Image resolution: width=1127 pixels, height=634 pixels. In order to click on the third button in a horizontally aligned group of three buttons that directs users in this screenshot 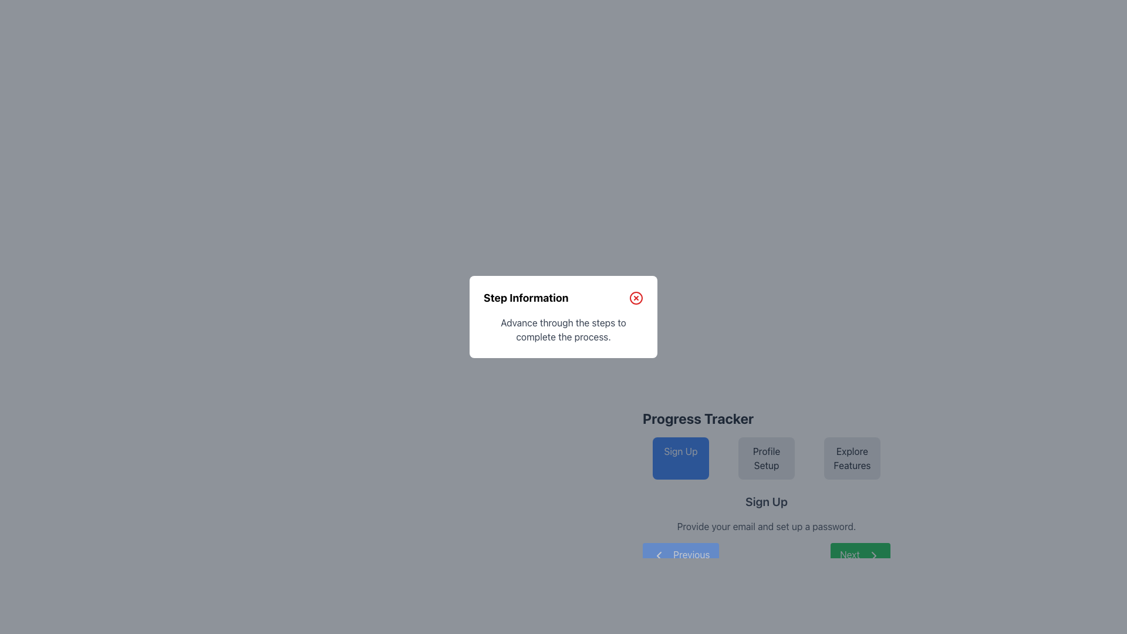, I will do `click(852, 457)`.